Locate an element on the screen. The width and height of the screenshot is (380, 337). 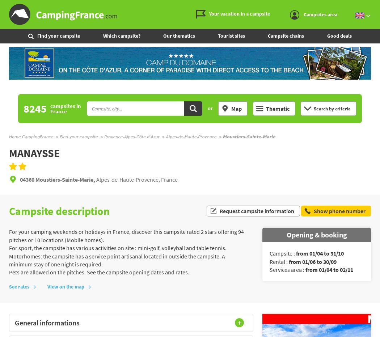
'Tourist sites' is located at coordinates (231, 35).